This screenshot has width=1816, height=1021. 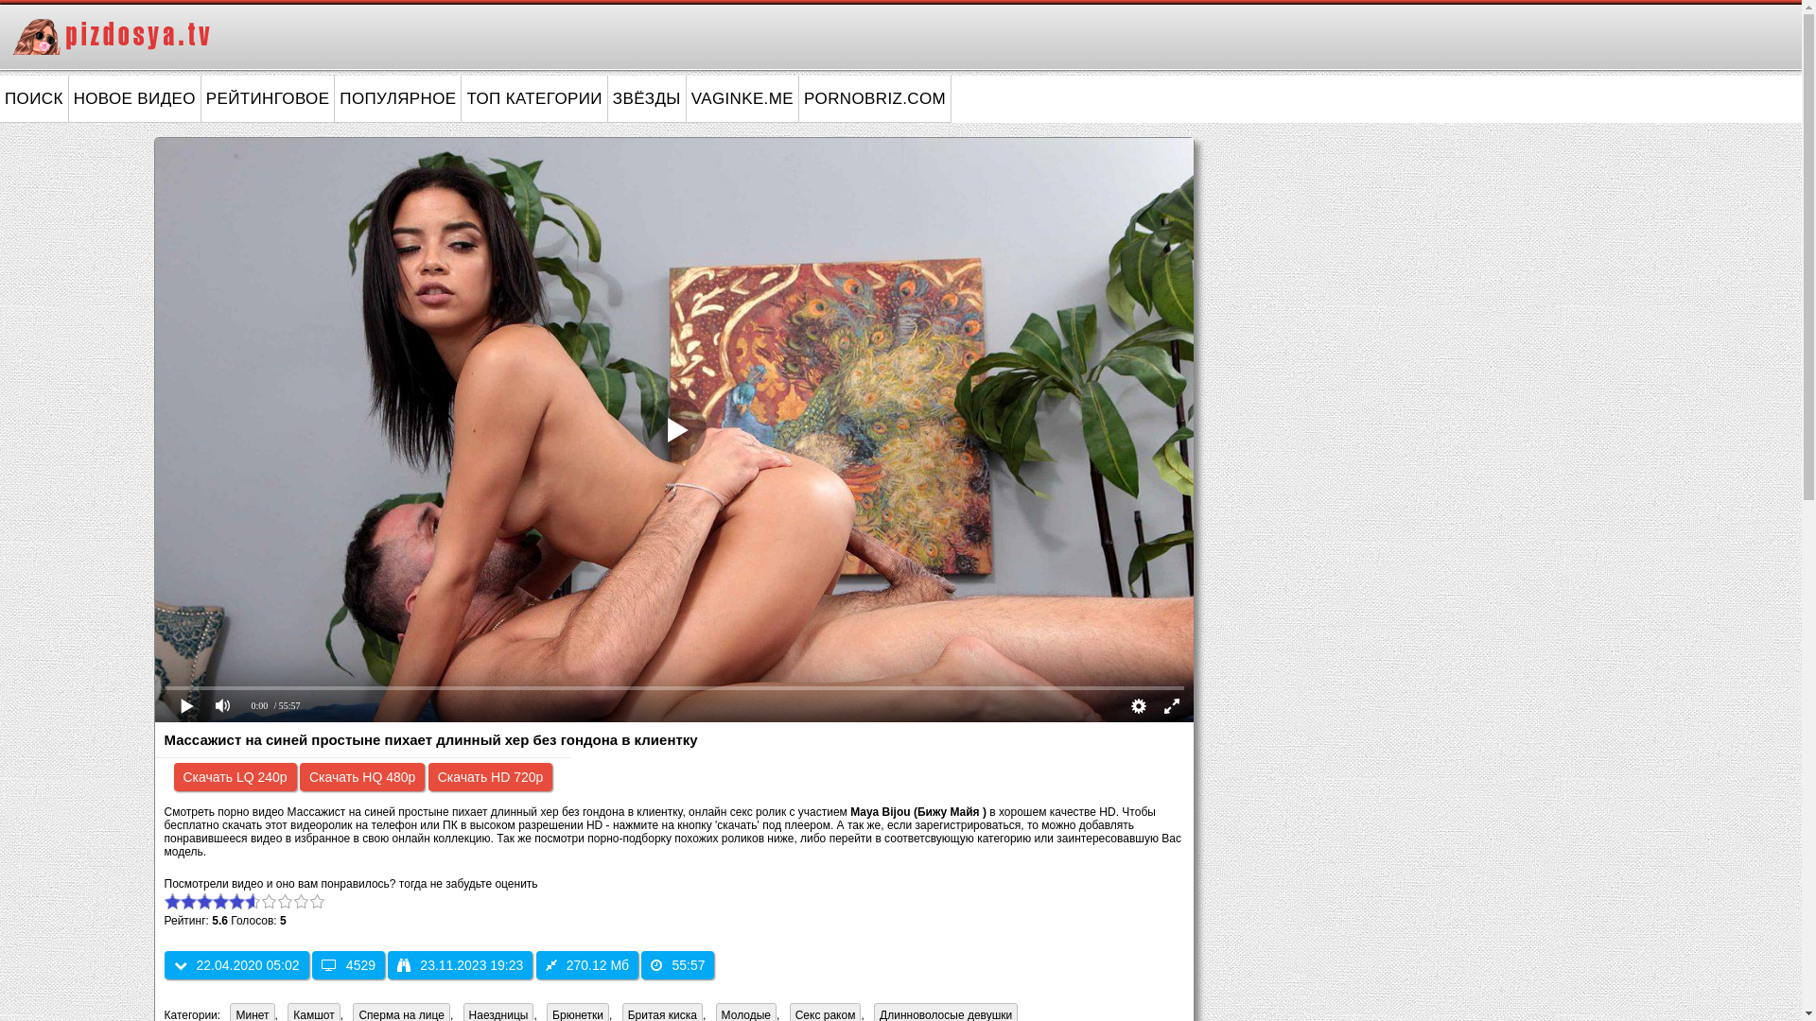 What do you see at coordinates (164, 965) in the screenshot?
I see `'22.04.2020 05:02'` at bounding box center [164, 965].